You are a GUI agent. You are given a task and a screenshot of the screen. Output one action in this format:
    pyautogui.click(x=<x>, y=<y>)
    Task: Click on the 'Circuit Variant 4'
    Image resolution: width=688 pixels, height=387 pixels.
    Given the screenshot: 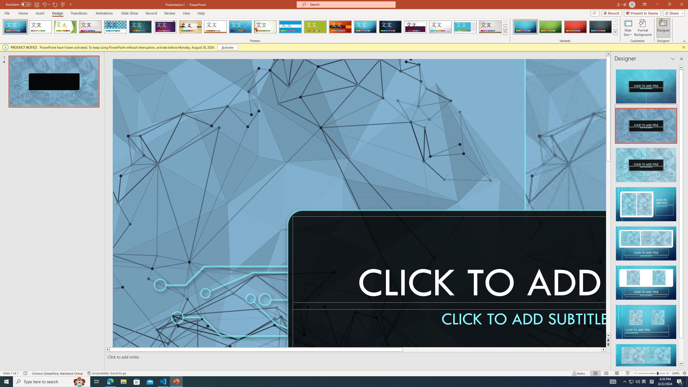 What is the action you would take?
    pyautogui.click(x=600, y=27)
    